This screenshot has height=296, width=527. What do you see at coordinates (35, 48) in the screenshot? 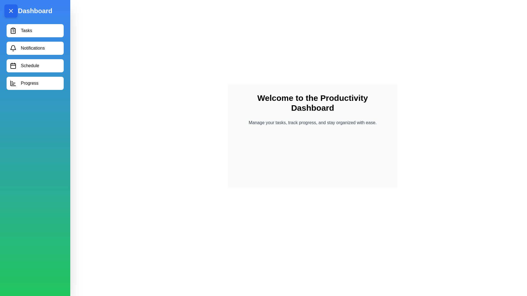
I see `the menu item Notifications from the drawer` at bounding box center [35, 48].